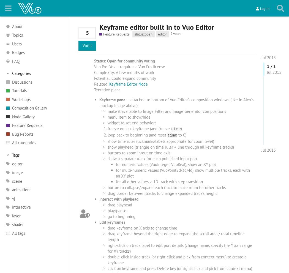 The image size is (289, 273). What do you see at coordinates (21, 99) in the screenshot?
I see `'Workshops'` at bounding box center [21, 99].